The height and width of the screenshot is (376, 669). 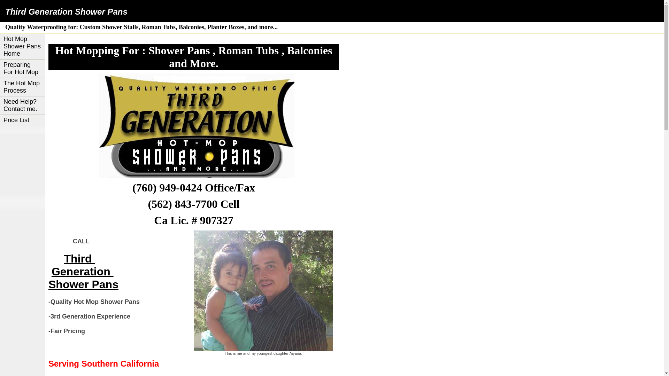 I want to click on 'Need Help? Contact me.', so click(x=22, y=105).